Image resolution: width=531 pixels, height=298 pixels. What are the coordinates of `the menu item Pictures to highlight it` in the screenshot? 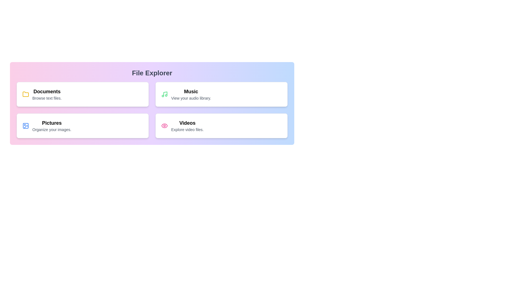 It's located at (82, 126).